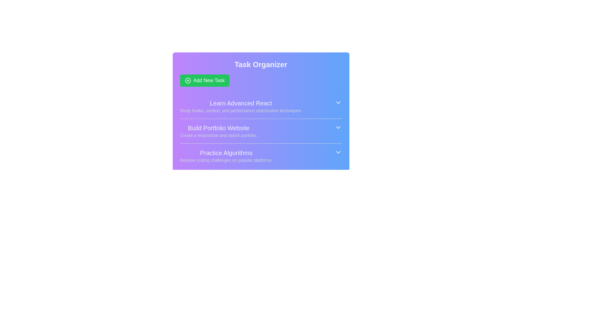 This screenshot has width=589, height=331. Describe the element at coordinates (338, 127) in the screenshot. I see `the toggle icon located at the top right of the 'Build Portfolio Website' section` at that location.